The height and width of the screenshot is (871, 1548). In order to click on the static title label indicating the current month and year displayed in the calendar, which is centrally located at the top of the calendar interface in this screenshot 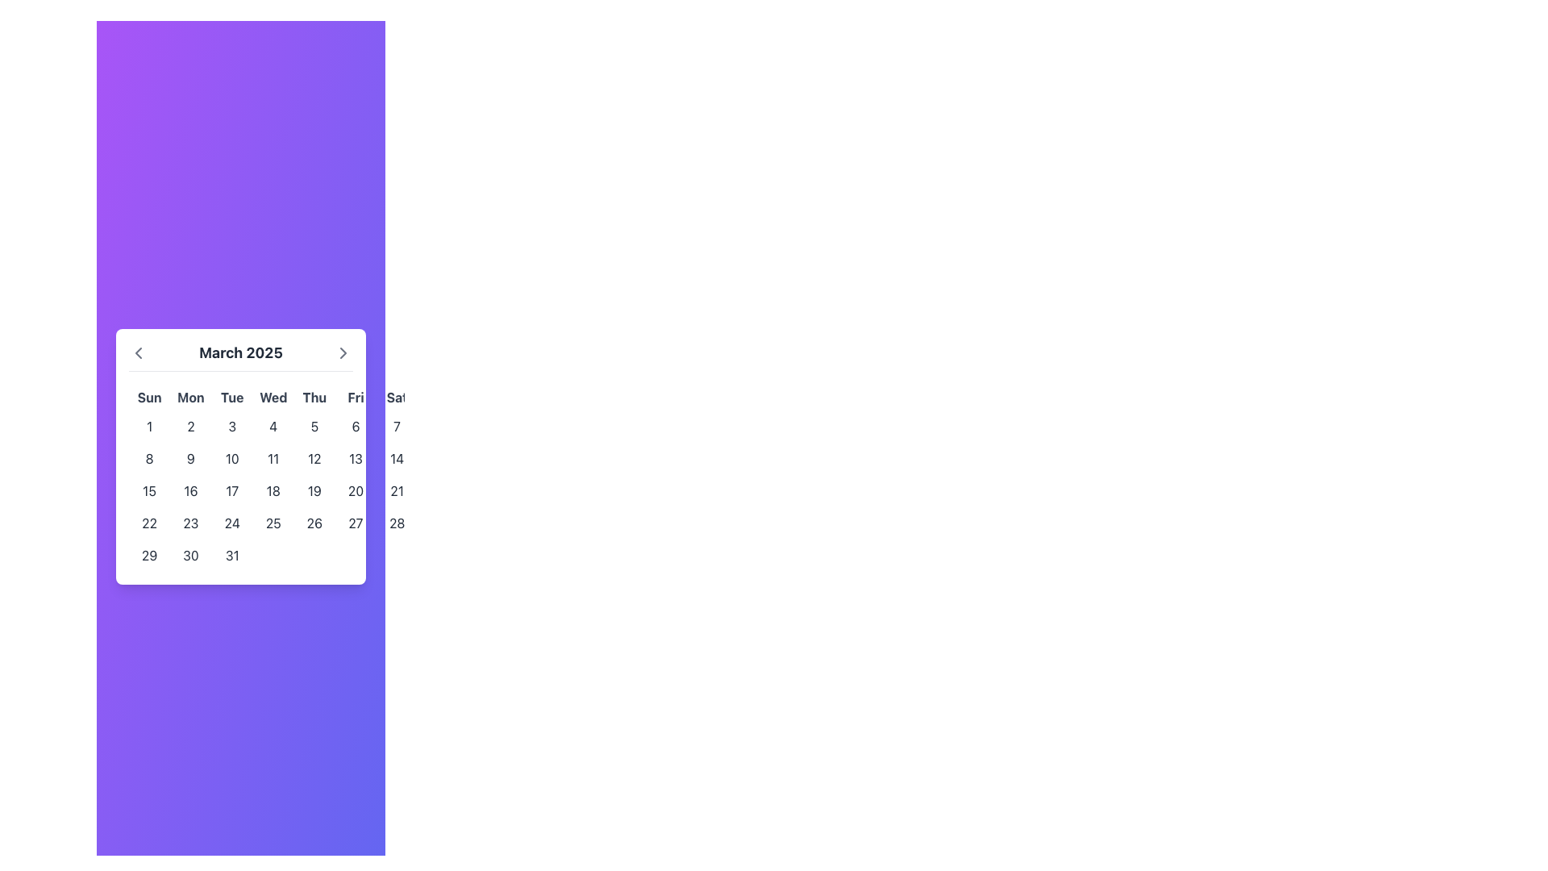, I will do `click(239, 352)`.